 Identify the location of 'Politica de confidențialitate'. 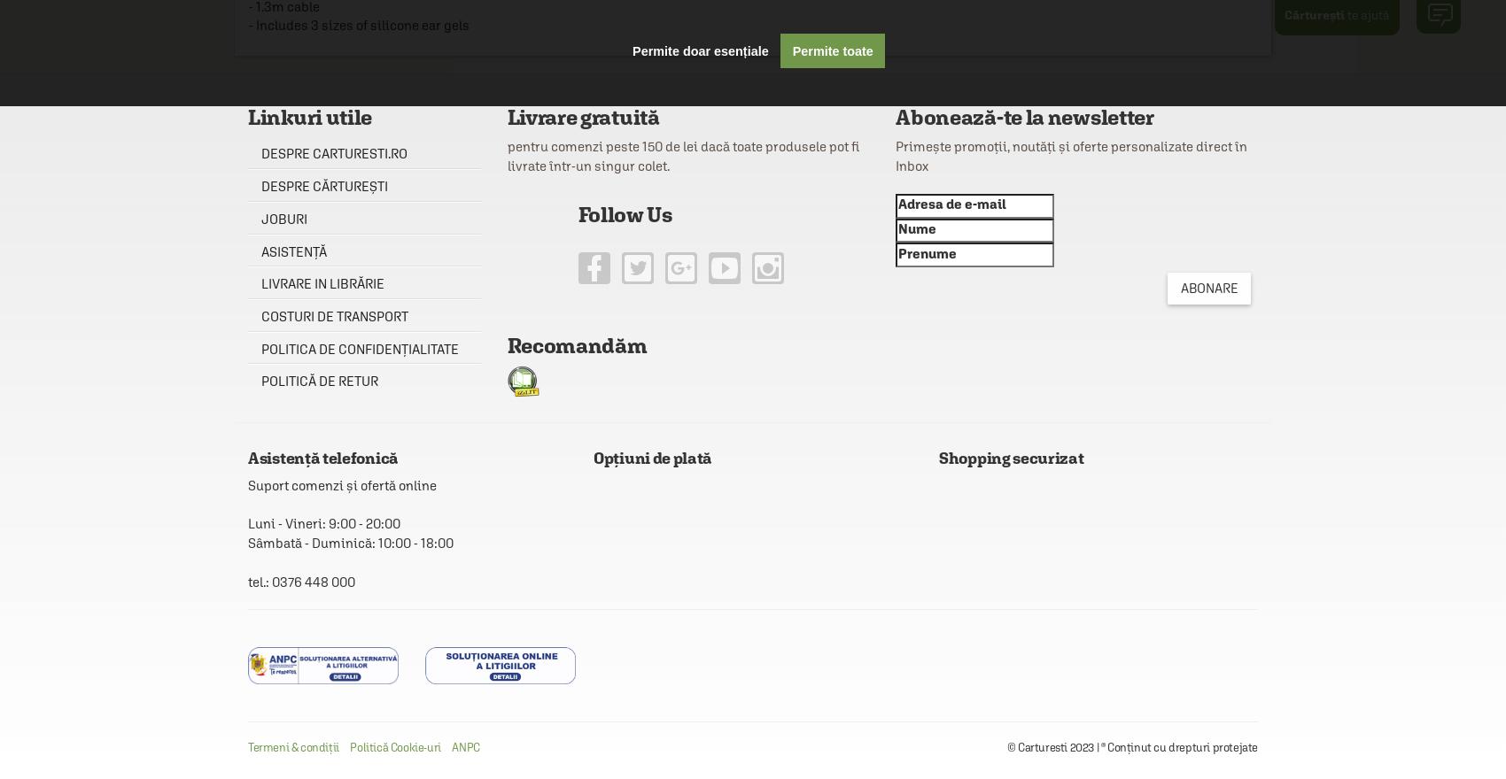
(260, 347).